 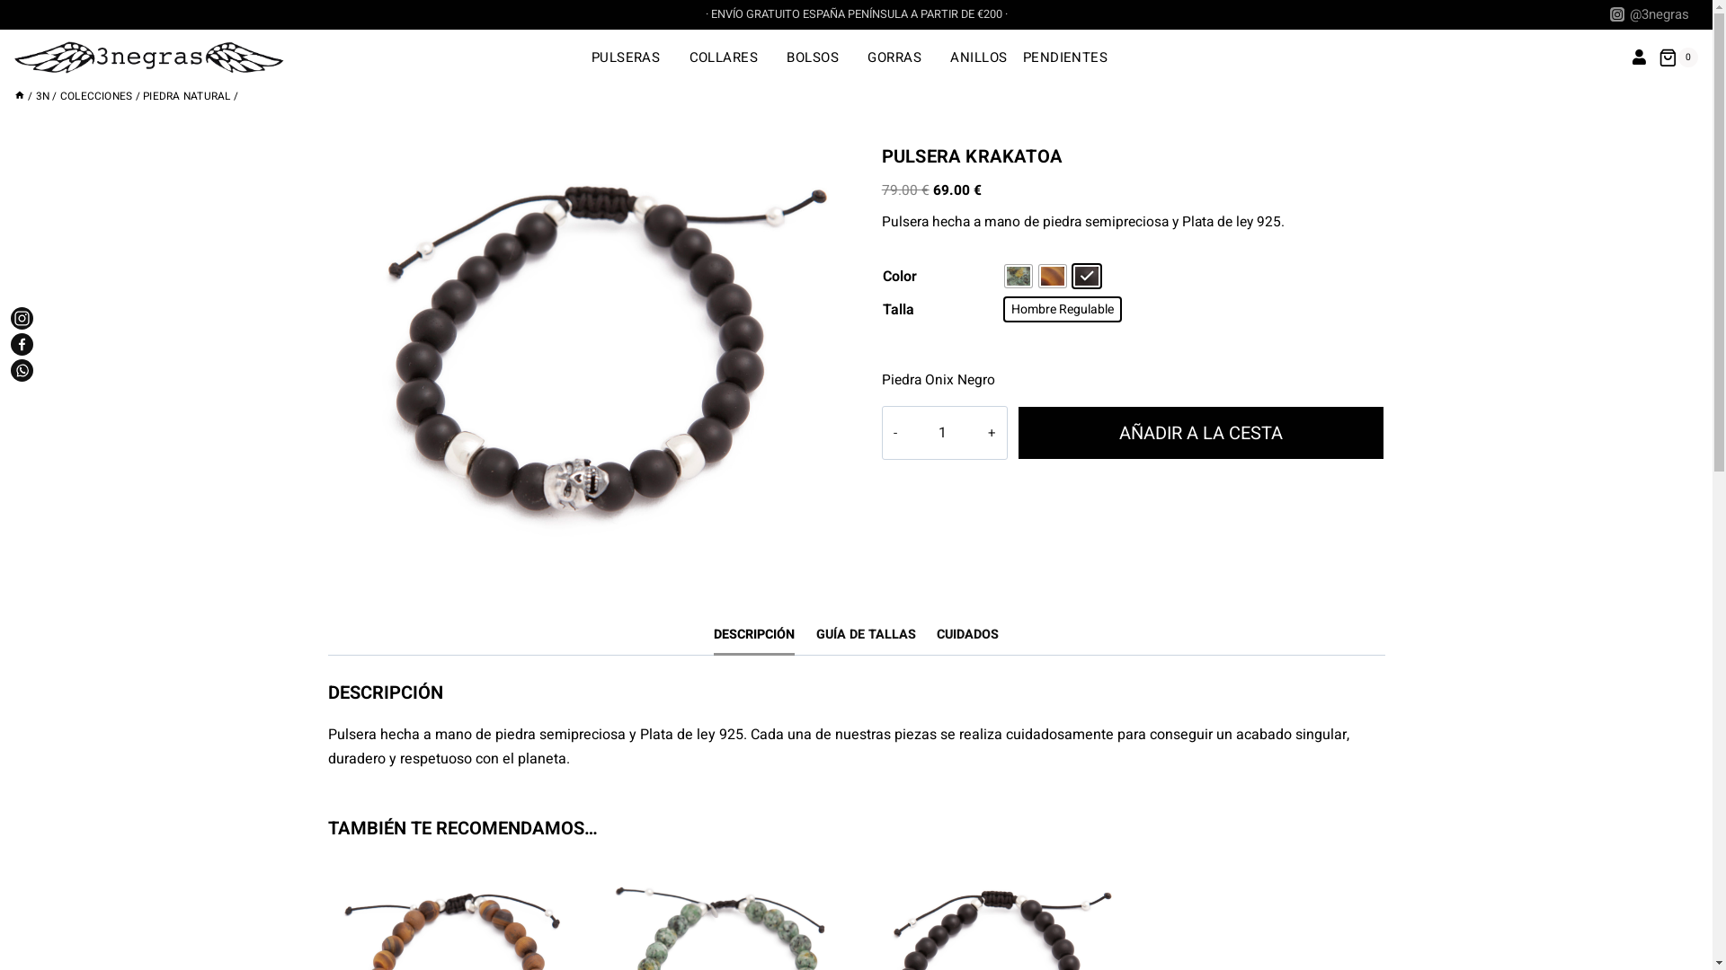 What do you see at coordinates (966, 633) in the screenshot?
I see `'CUIDADOS'` at bounding box center [966, 633].